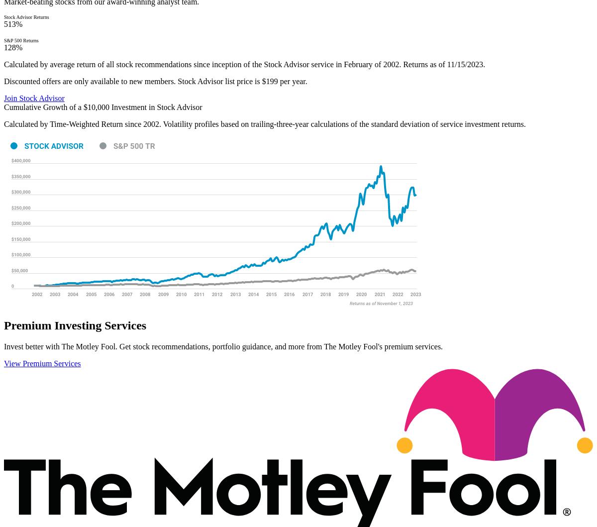 This screenshot has height=527, width=597. I want to click on '128%', so click(13, 47).